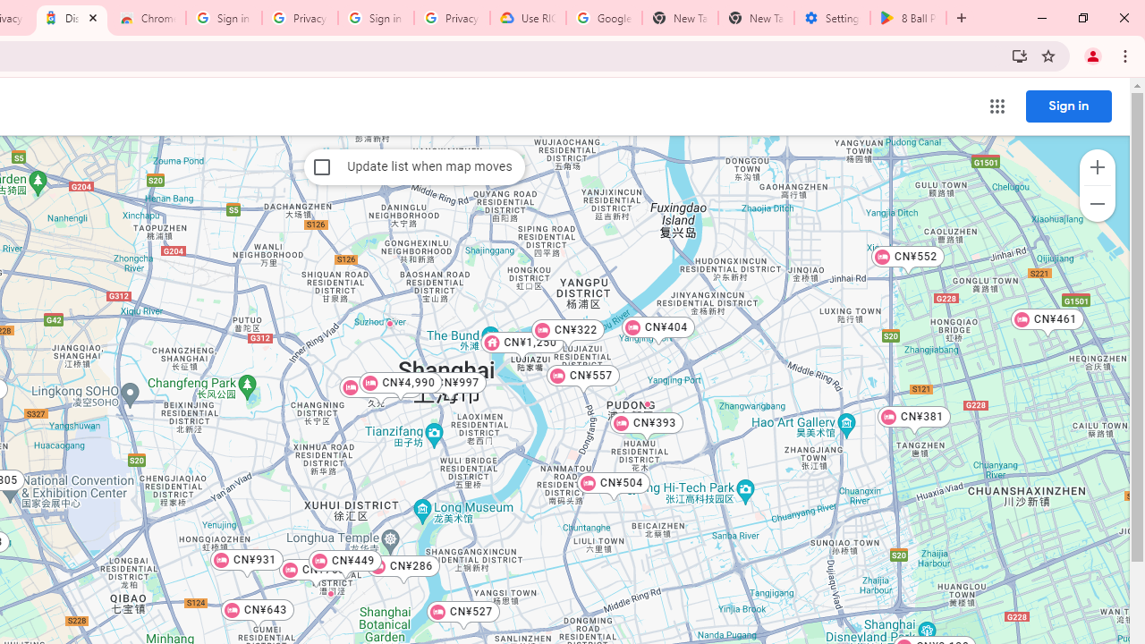 The image size is (1145, 644). Describe the element at coordinates (330, 593) in the screenshot. I see `'Junting Hotel'` at that location.